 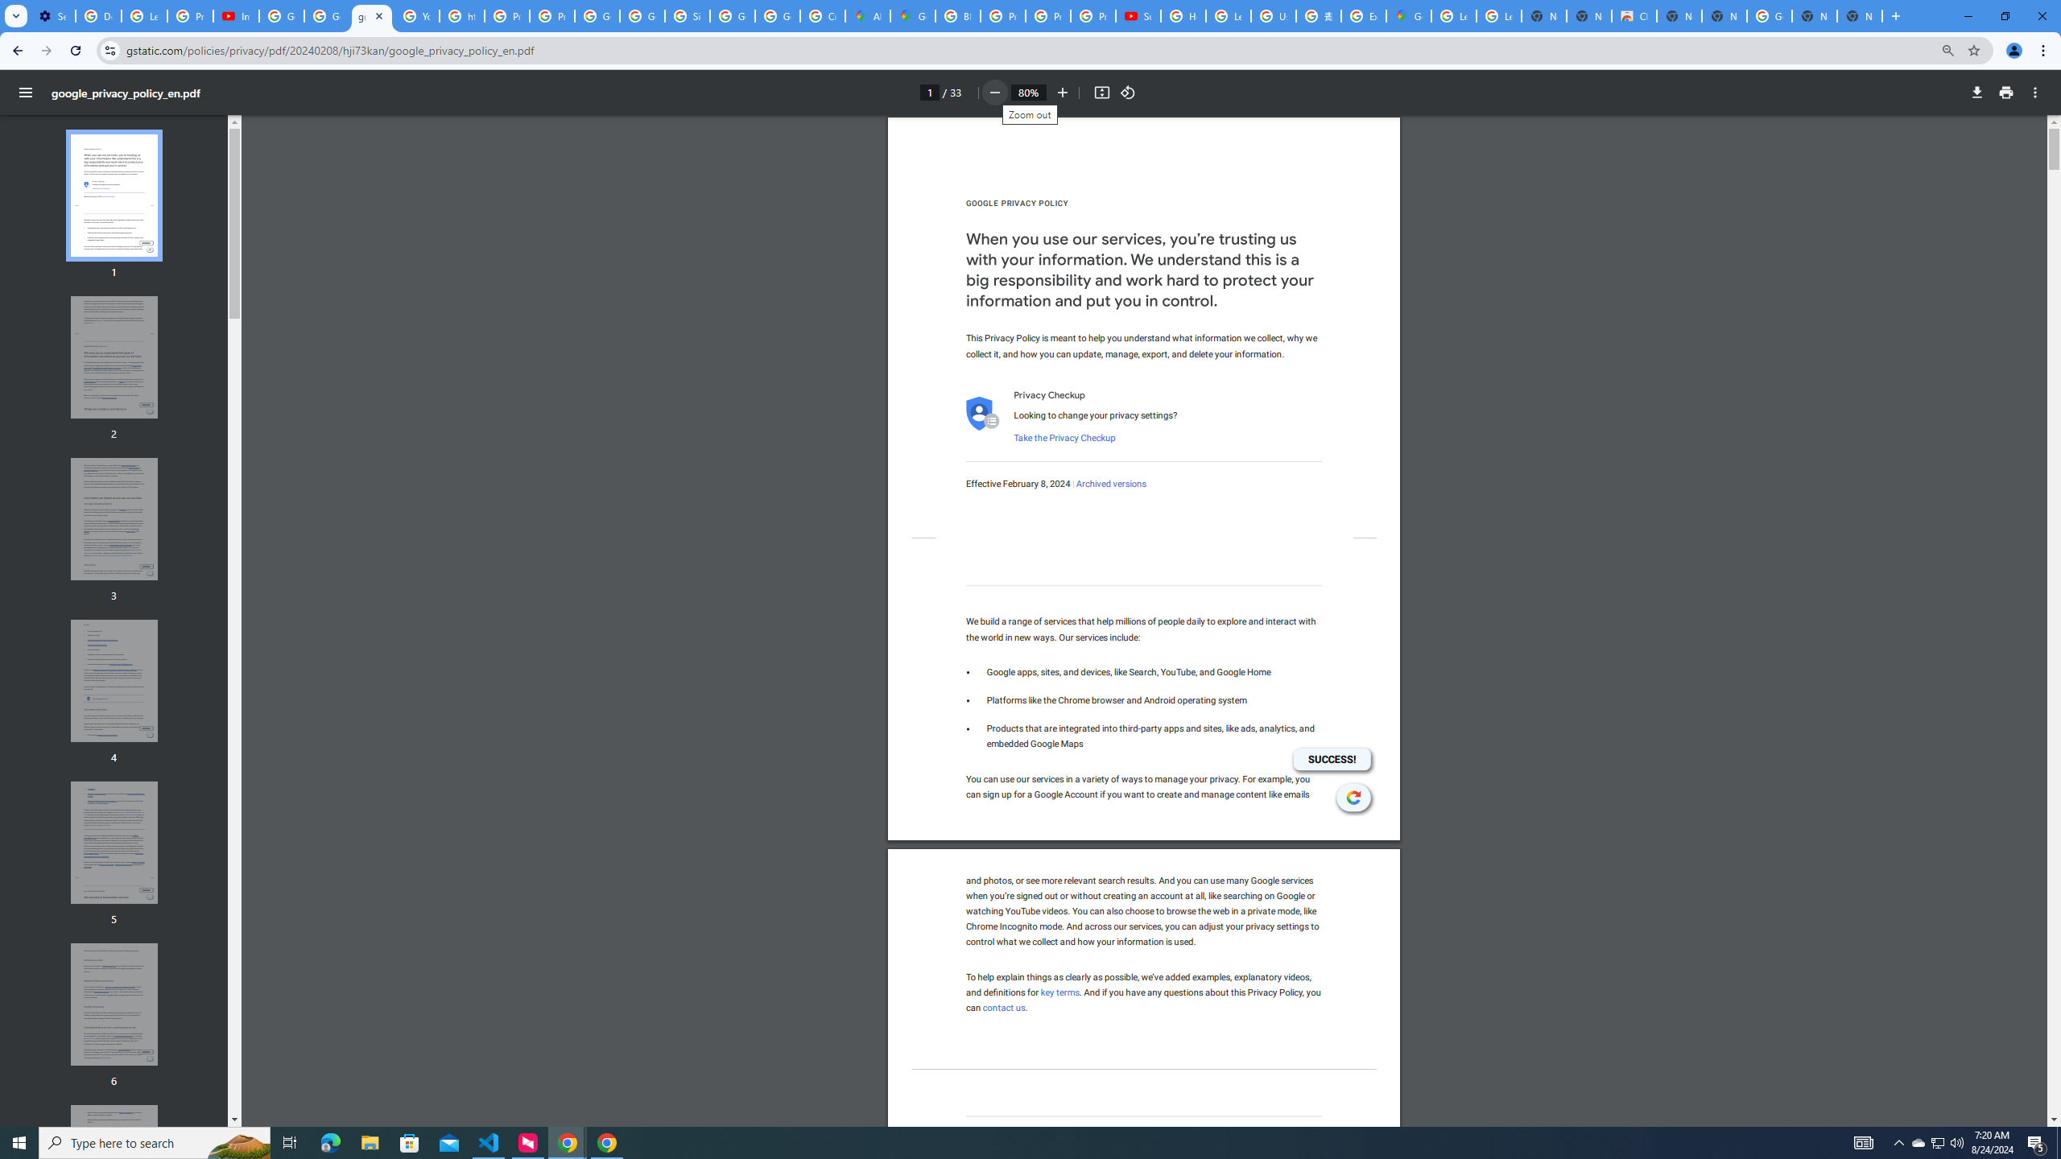 I want to click on 'key terms', so click(x=1059, y=992).